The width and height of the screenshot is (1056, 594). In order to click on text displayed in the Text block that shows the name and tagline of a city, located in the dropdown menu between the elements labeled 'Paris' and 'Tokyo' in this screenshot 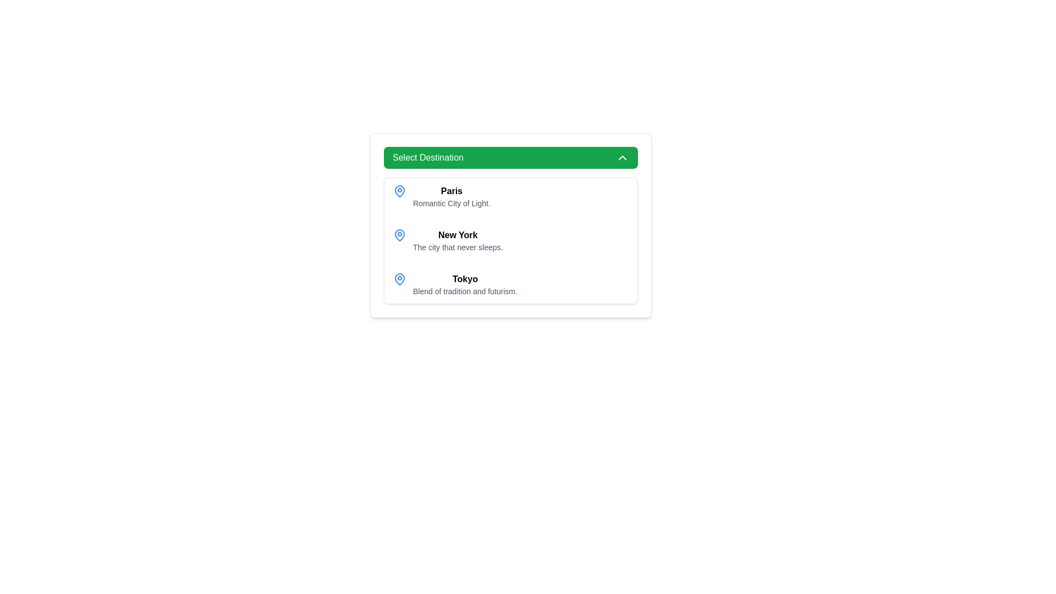, I will do `click(458, 240)`.